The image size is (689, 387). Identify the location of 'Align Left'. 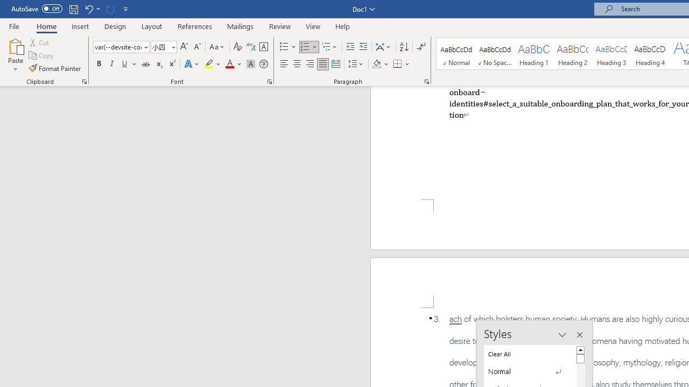
(284, 64).